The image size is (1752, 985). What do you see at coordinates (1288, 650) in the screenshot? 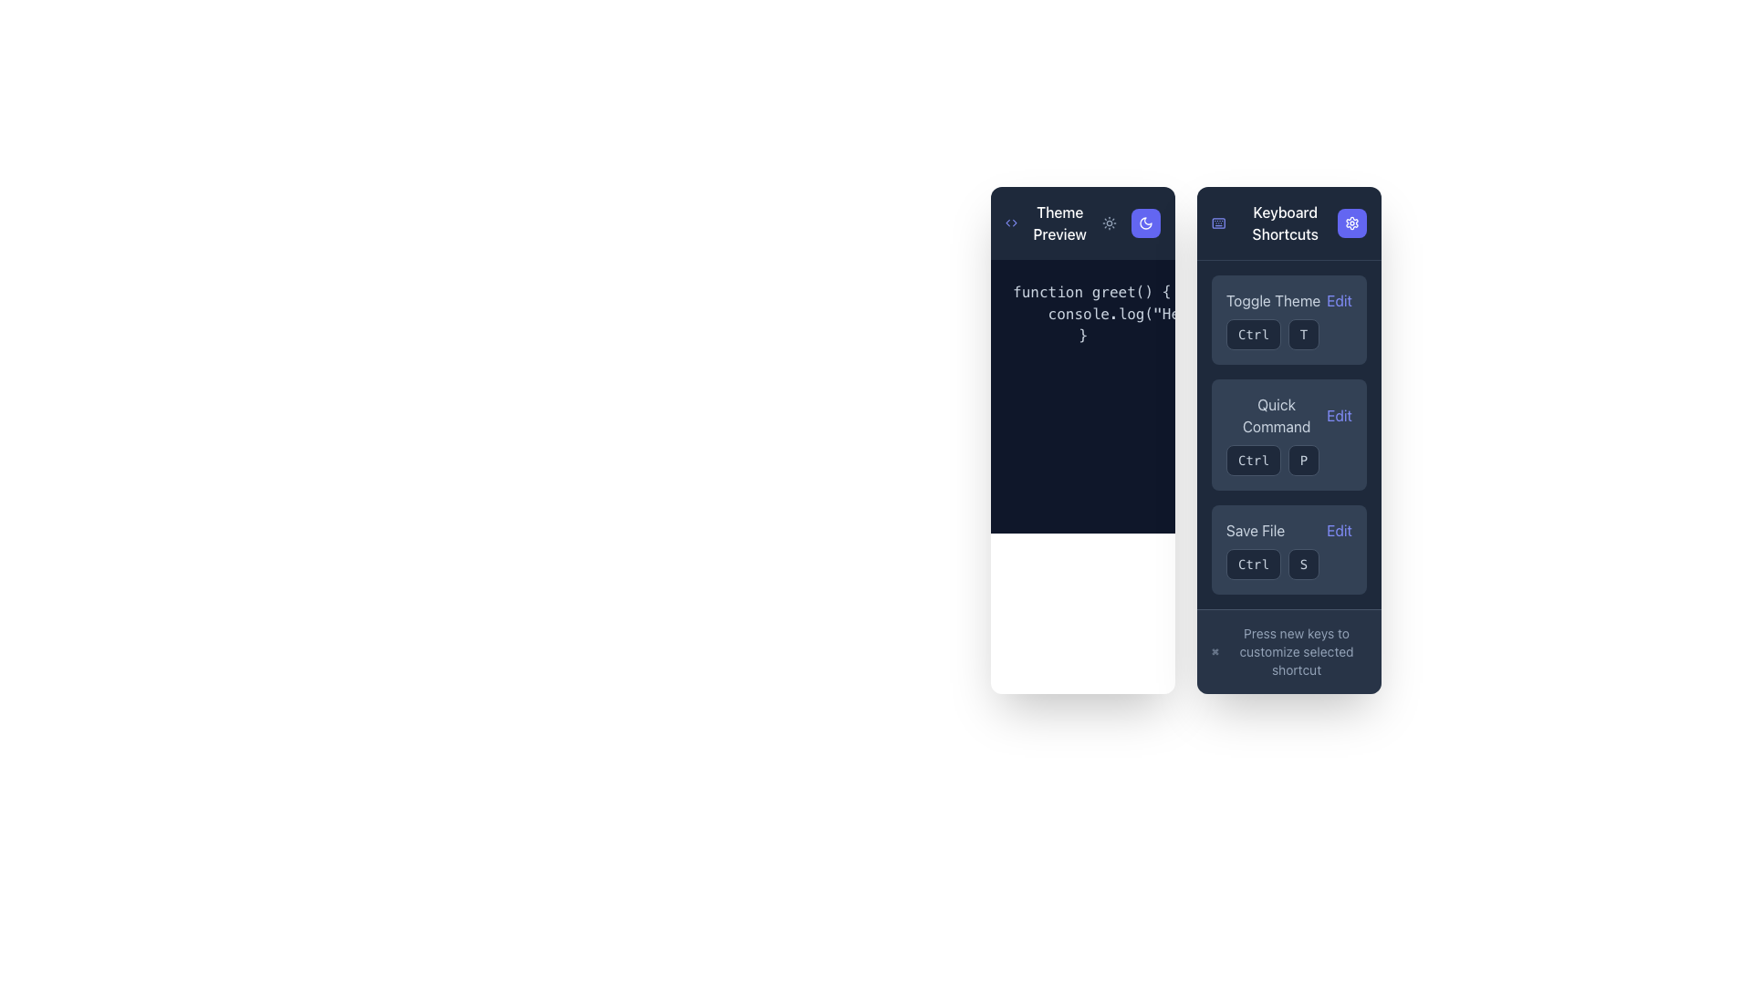
I see `the instructional text located at the bottom of the 'Keyboard Shortcuts' panel` at bounding box center [1288, 650].